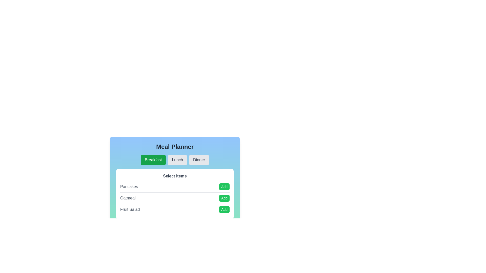 This screenshot has width=486, height=273. What do you see at coordinates (130, 210) in the screenshot?
I see `text content of the 'Fruit Salad' label, which is displayed in a subdued gray color in a list under the 'Select Items' heading` at bounding box center [130, 210].